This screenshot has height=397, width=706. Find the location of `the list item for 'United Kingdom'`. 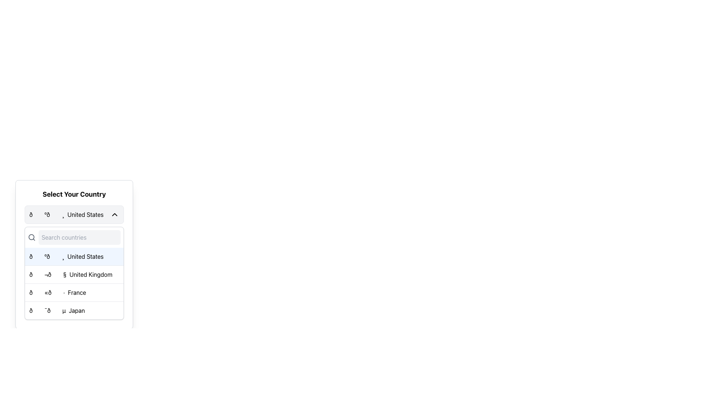

the list item for 'United Kingdom' is located at coordinates (74, 274).